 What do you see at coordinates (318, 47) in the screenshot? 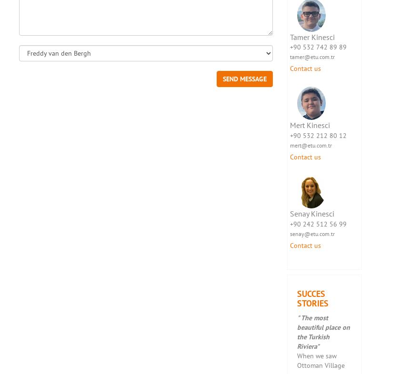
I see `'+90 532 742 89 89'` at bounding box center [318, 47].